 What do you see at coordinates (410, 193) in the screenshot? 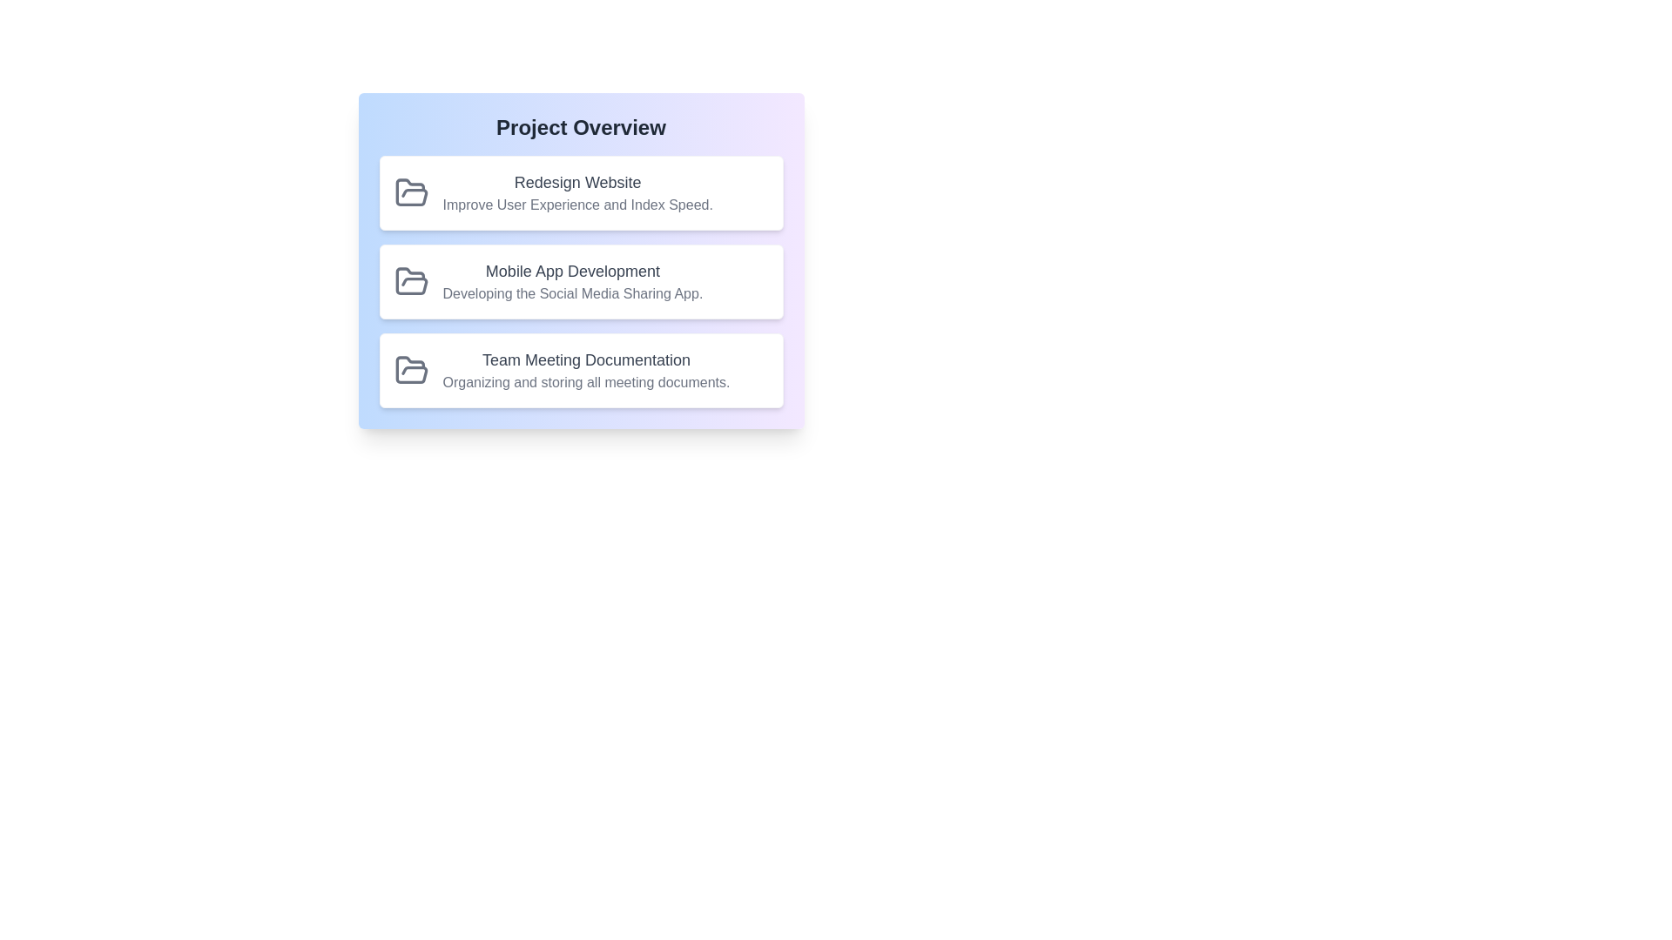
I see `the folder icon for the project titled 'Redesign Website'` at bounding box center [410, 193].